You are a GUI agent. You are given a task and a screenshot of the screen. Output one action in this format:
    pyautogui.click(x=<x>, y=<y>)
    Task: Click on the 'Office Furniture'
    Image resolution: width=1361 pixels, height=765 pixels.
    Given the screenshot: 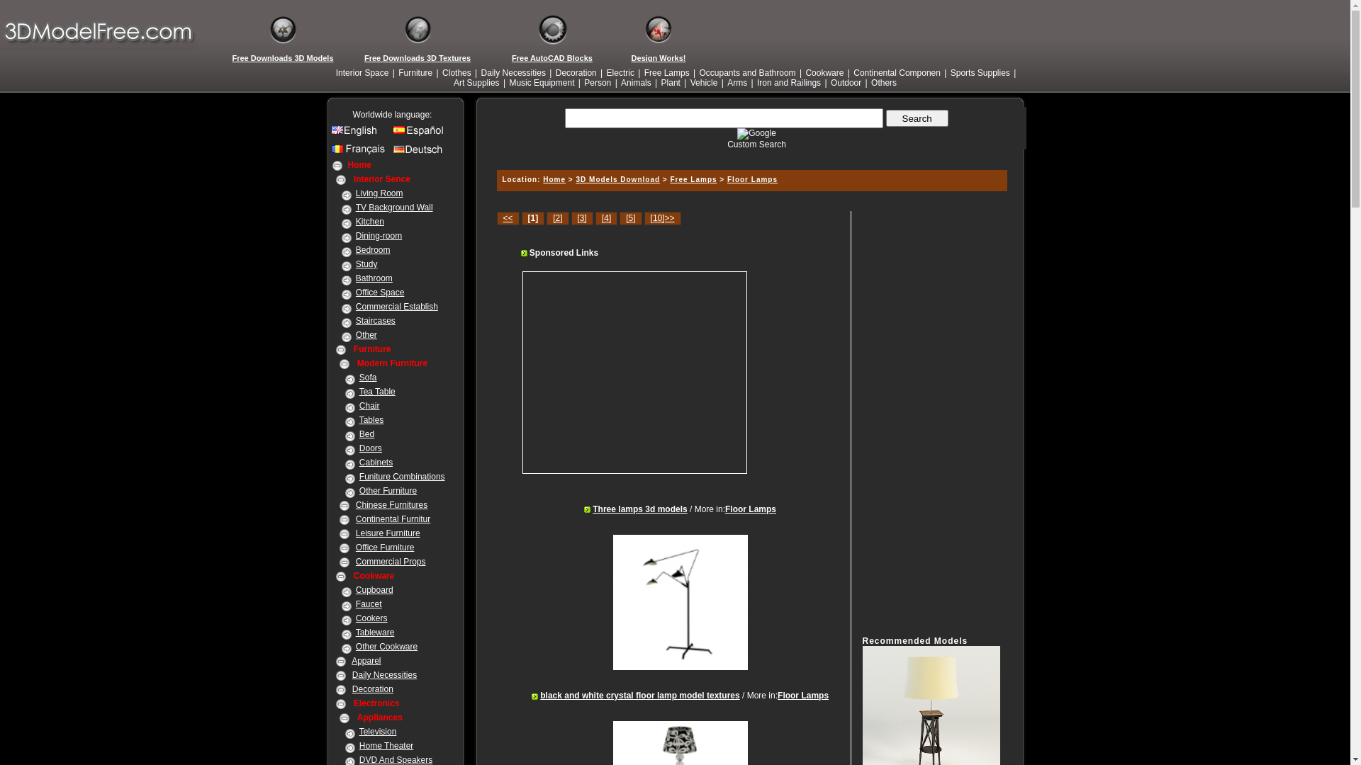 What is the action you would take?
    pyautogui.click(x=384, y=546)
    